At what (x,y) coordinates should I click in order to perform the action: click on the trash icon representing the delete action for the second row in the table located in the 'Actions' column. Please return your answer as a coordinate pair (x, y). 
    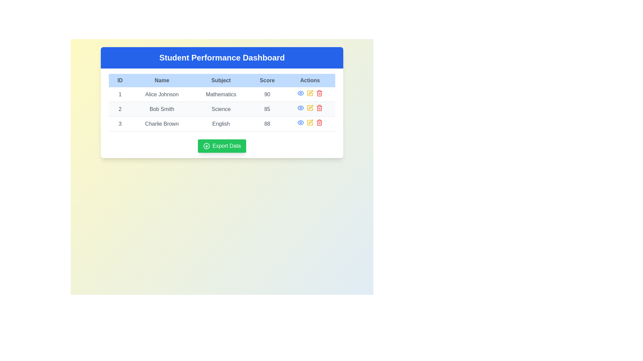
    Looking at the image, I should click on (319, 108).